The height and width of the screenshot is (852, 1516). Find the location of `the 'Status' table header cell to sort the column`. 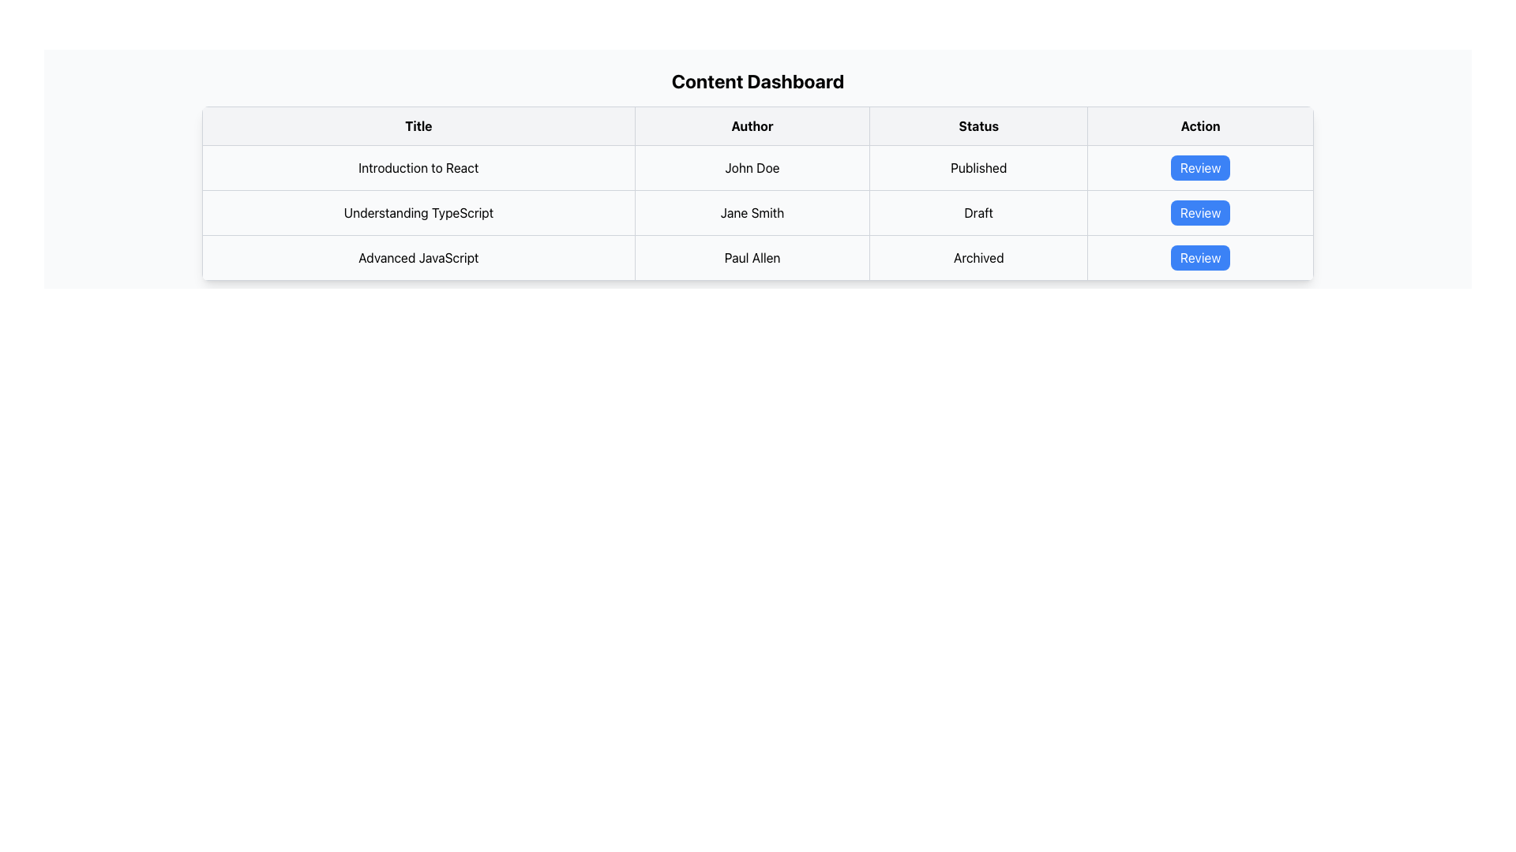

the 'Status' table header cell to sort the column is located at coordinates (978, 125).